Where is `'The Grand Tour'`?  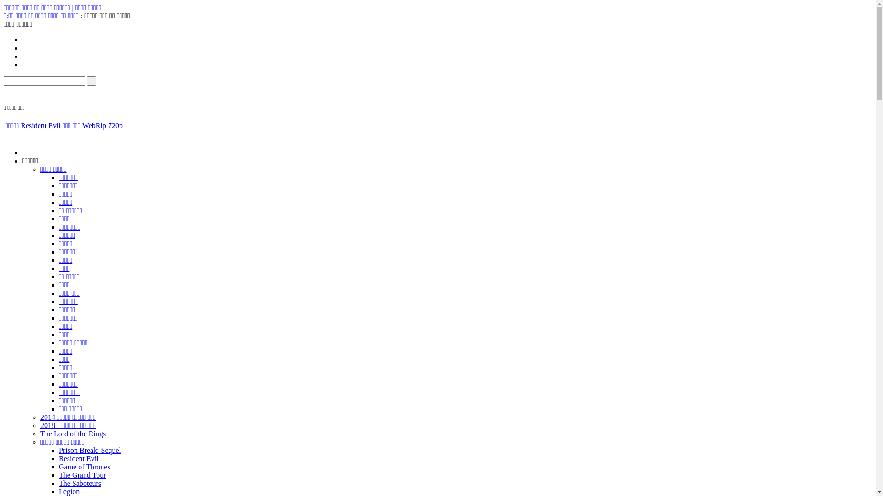 'The Grand Tour' is located at coordinates (82, 475).